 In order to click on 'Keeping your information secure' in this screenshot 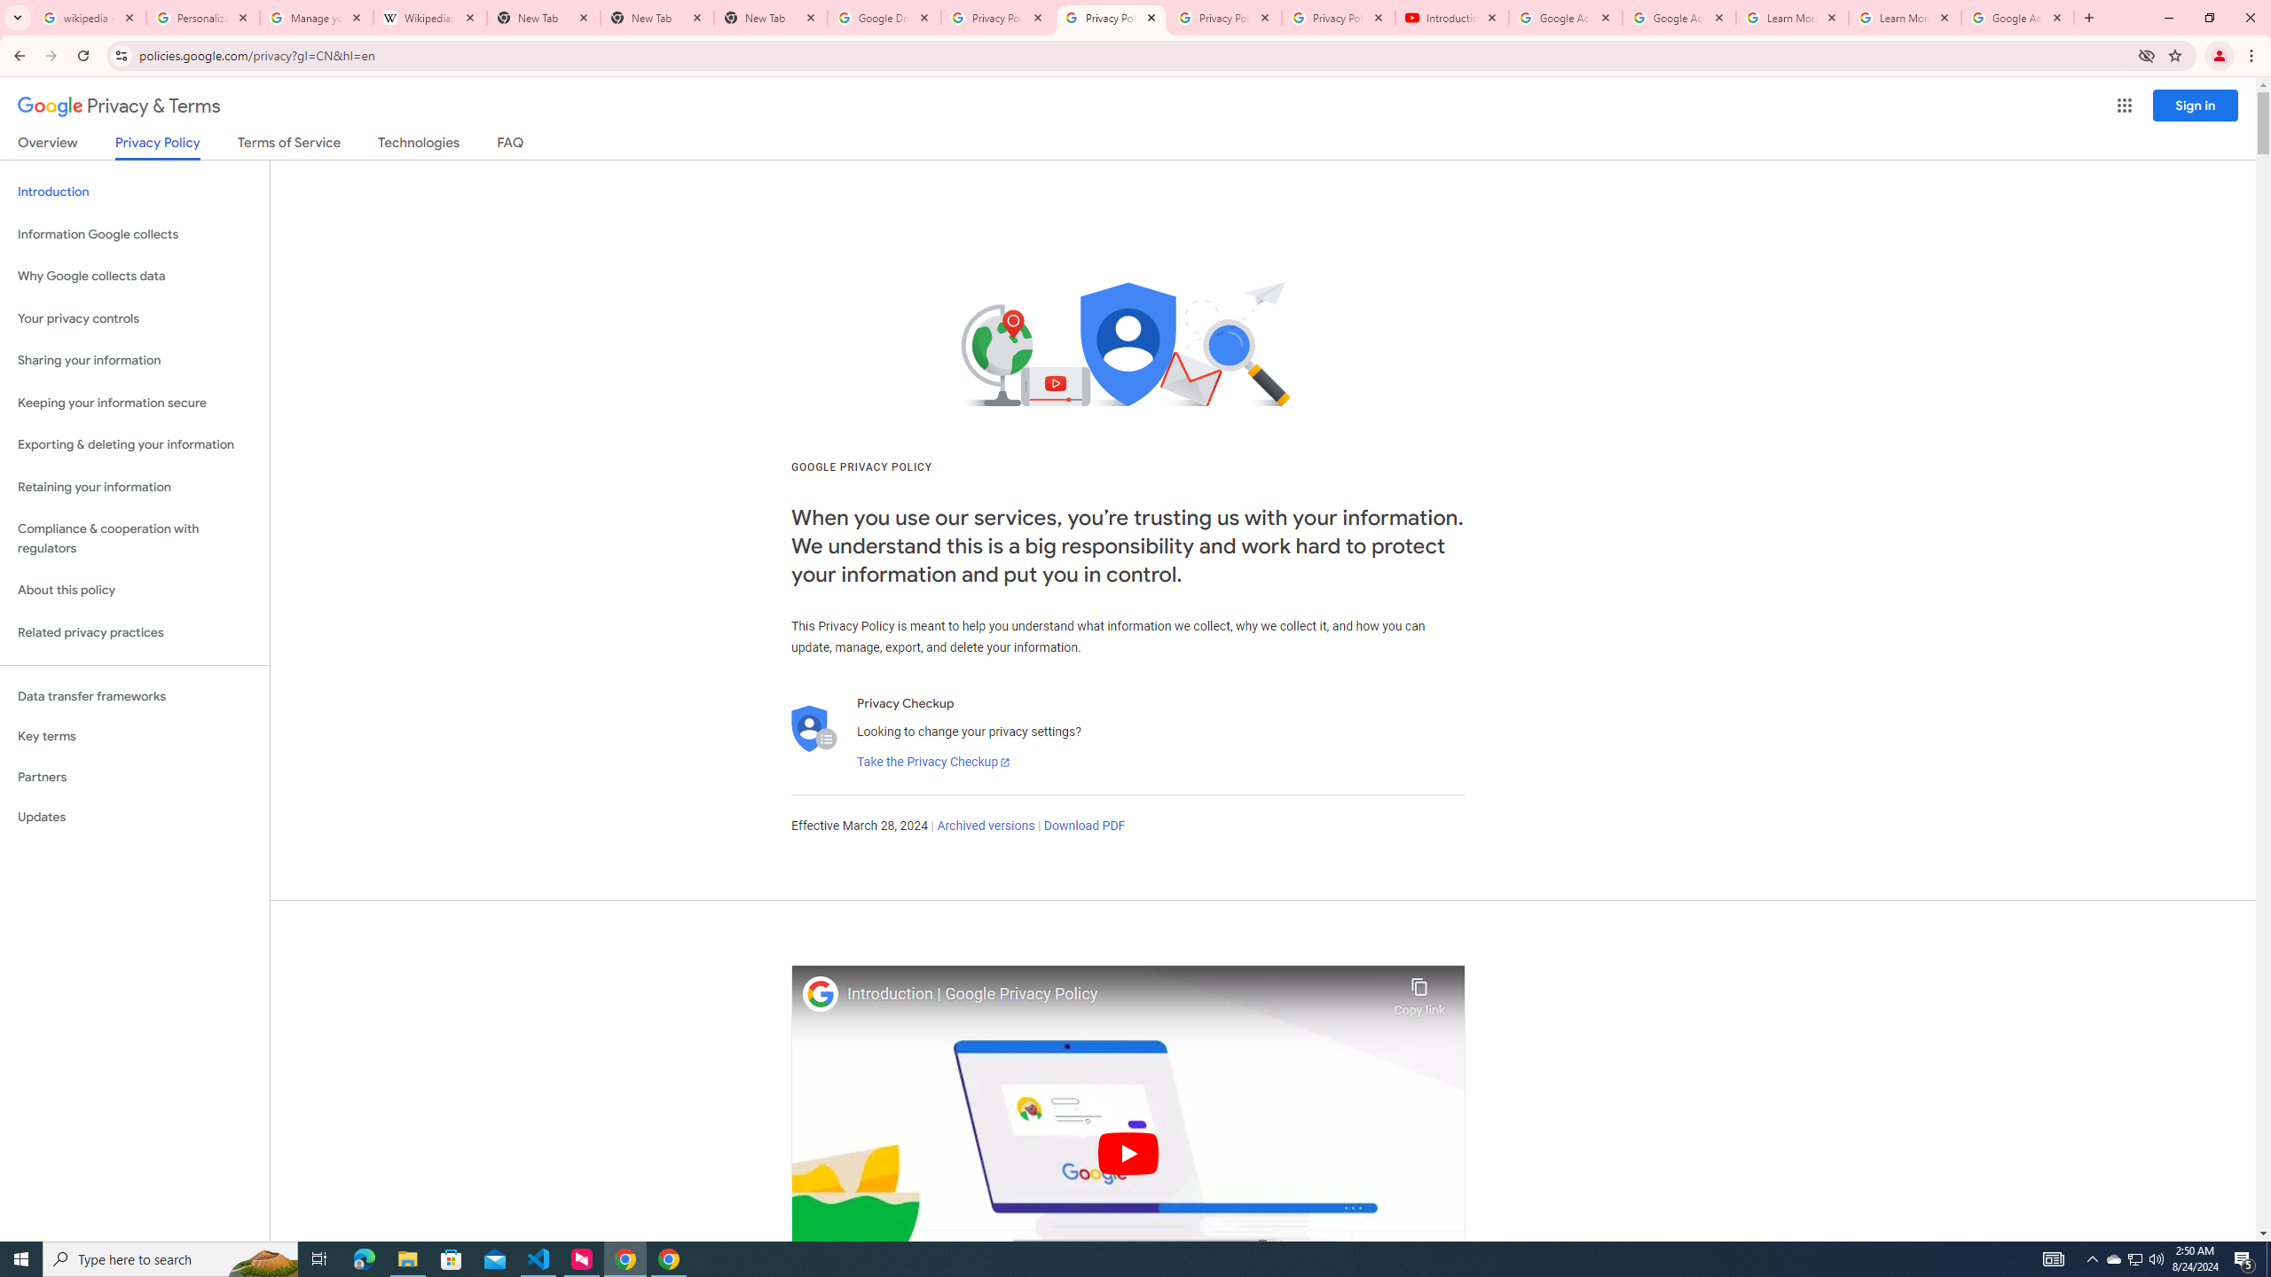, I will do `click(134, 403)`.